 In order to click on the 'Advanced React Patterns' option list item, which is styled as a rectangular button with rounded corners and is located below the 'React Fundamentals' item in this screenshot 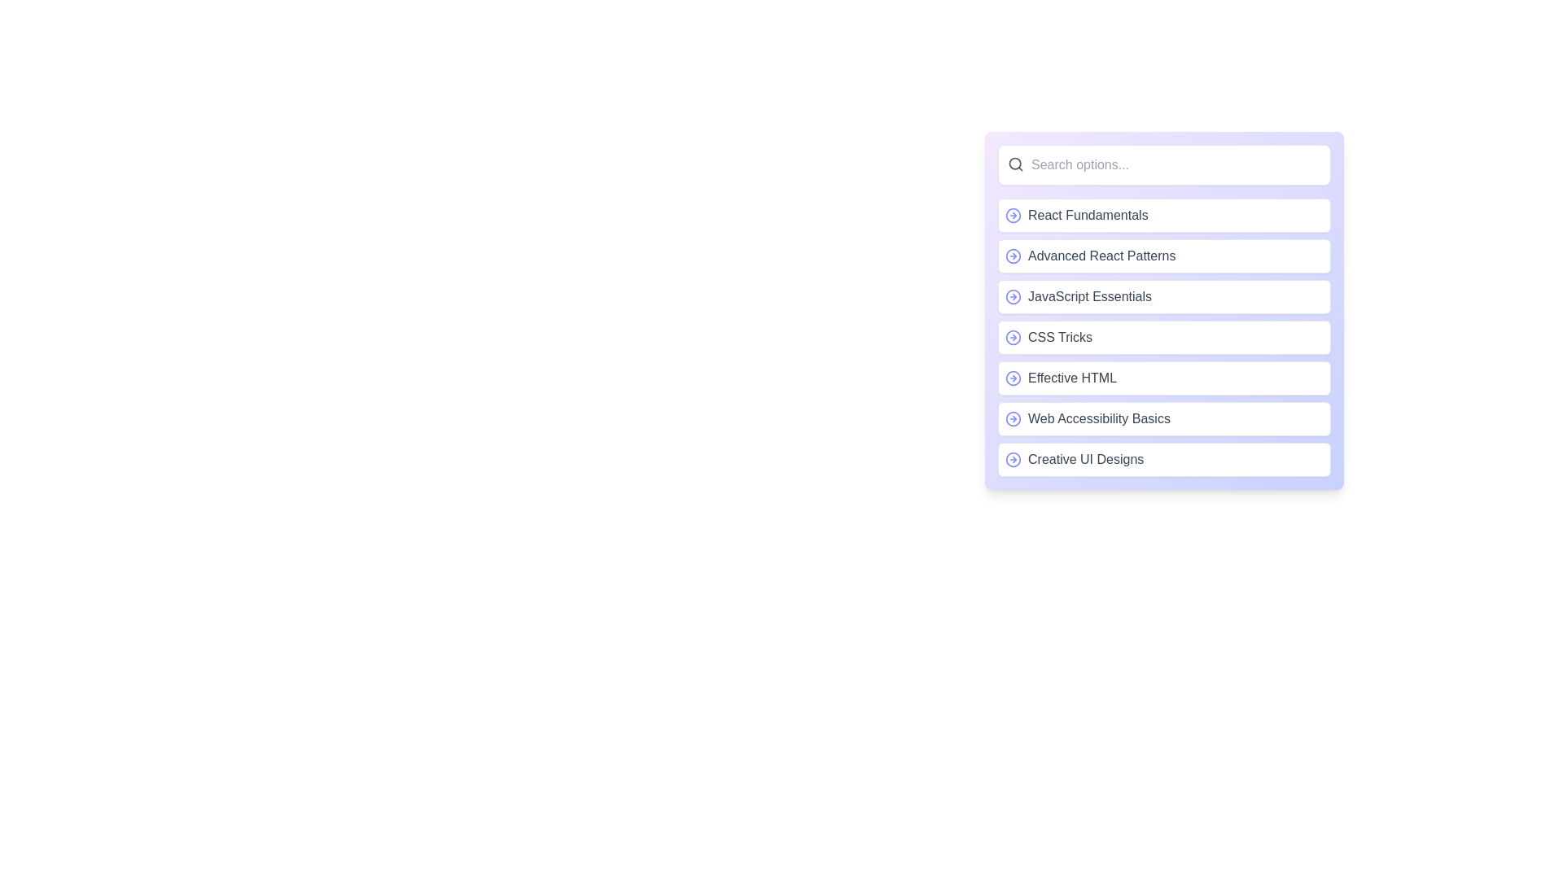, I will do `click(1163, 256)`.